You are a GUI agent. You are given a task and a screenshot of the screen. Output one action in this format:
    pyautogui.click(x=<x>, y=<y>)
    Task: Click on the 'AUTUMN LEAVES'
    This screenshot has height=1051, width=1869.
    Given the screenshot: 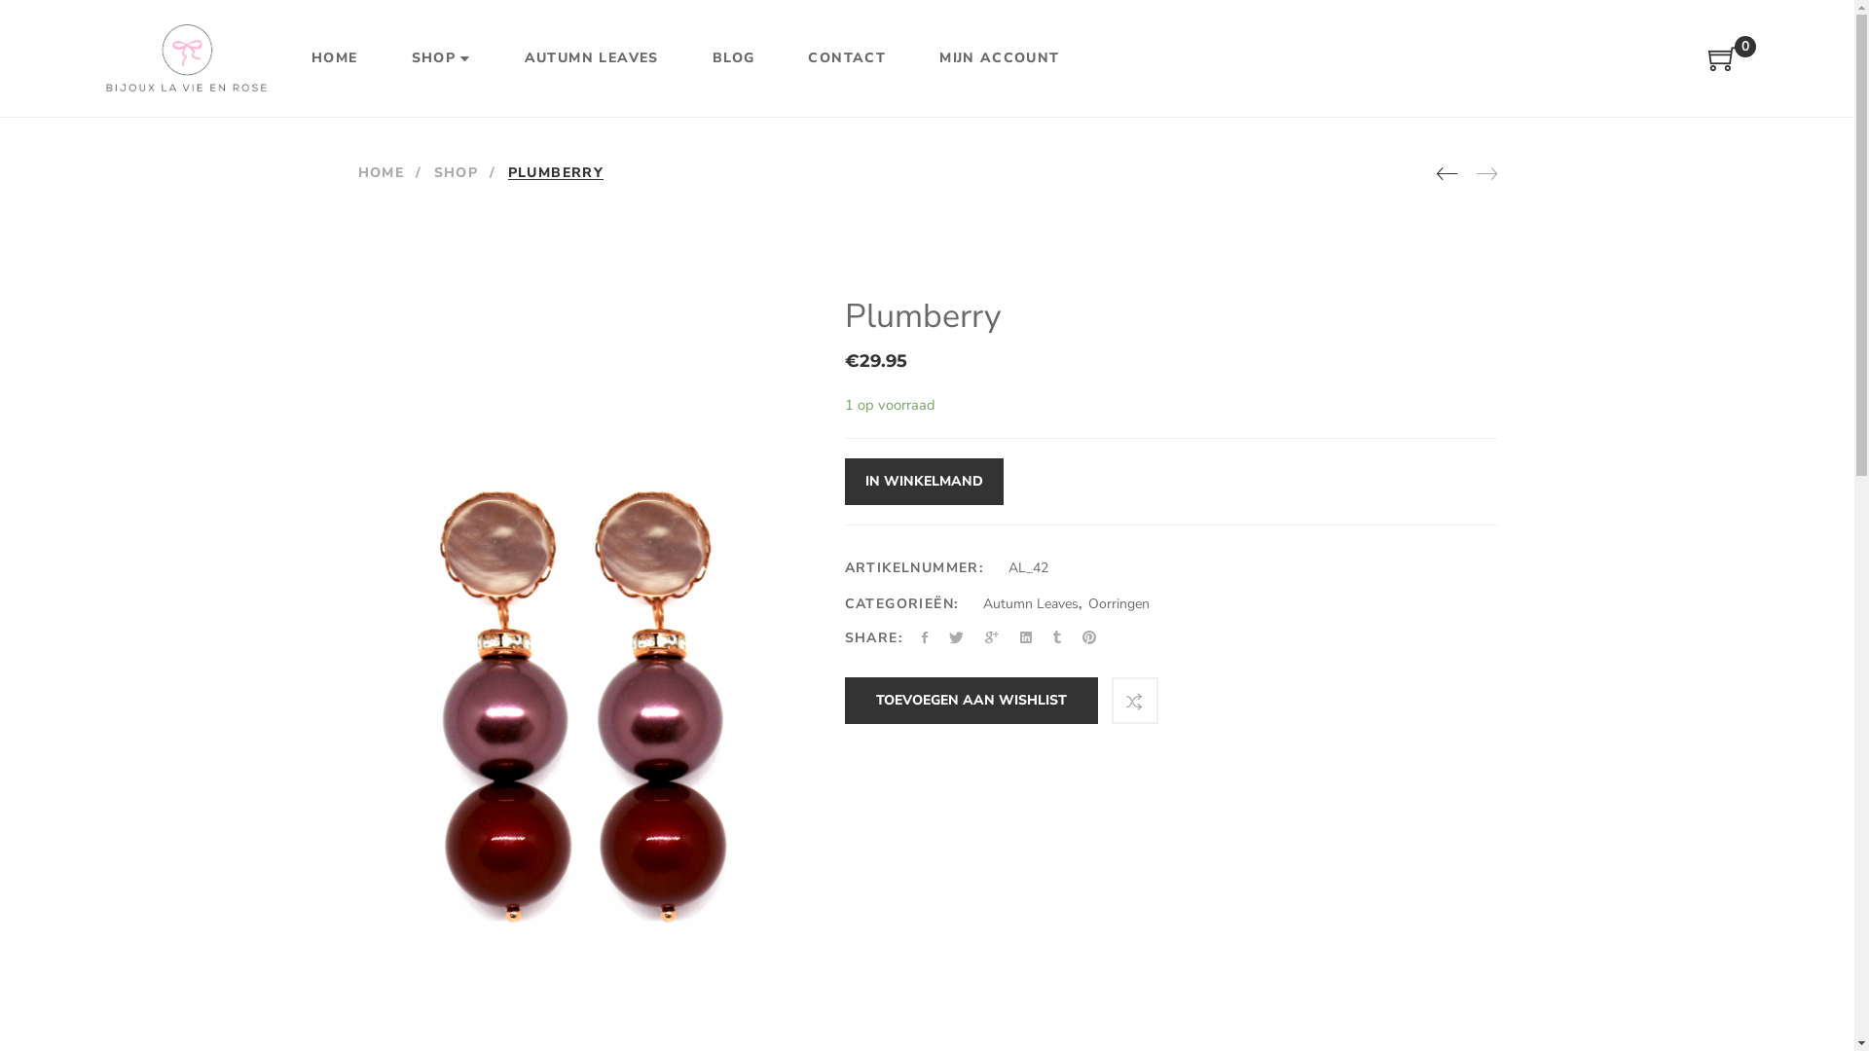 What is the action you would take?
    pyautogui.click(x=591, y=57)
    